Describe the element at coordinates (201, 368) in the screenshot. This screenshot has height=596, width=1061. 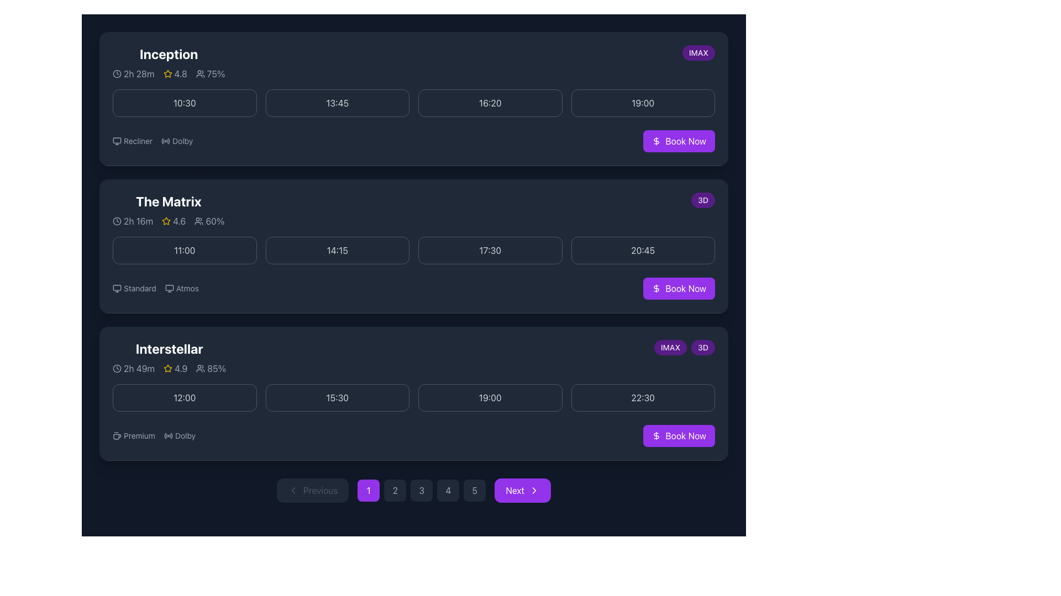
I see `the graphical icon resembling a group of two stylized people located in the 'Interstellar' section, adjacent to the percentage value '85%` at that location.